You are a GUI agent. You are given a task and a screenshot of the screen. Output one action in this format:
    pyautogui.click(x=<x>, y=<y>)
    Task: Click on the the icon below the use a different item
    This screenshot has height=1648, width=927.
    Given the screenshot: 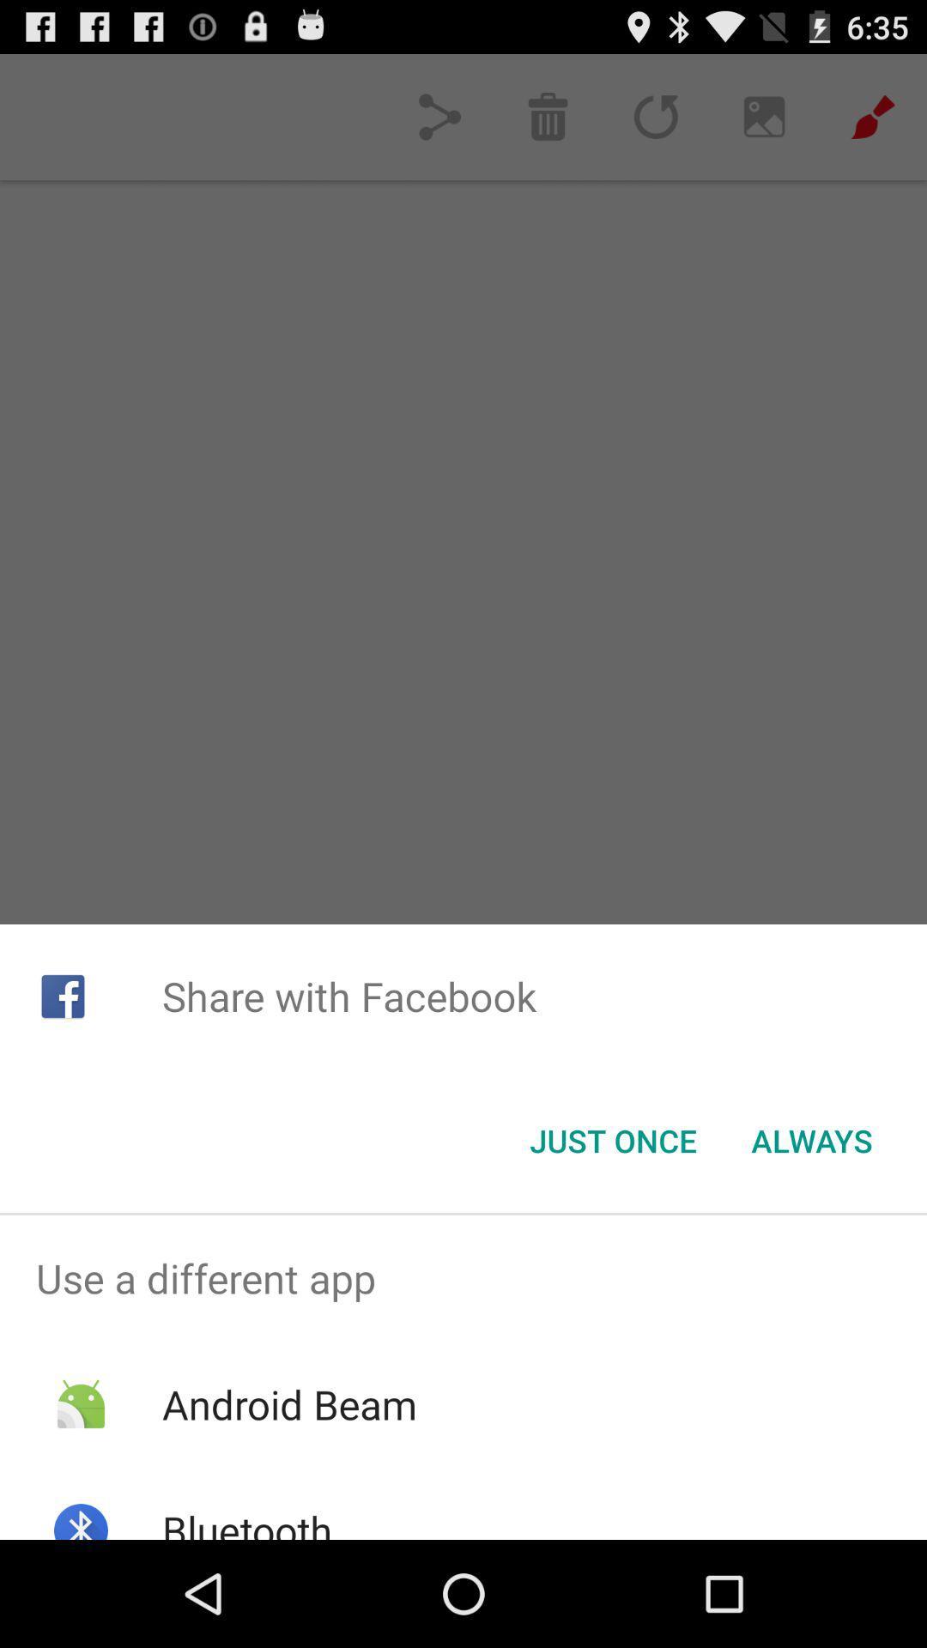 What is the action you would take?
    pyautogui.click(x=288, y=1404)
    